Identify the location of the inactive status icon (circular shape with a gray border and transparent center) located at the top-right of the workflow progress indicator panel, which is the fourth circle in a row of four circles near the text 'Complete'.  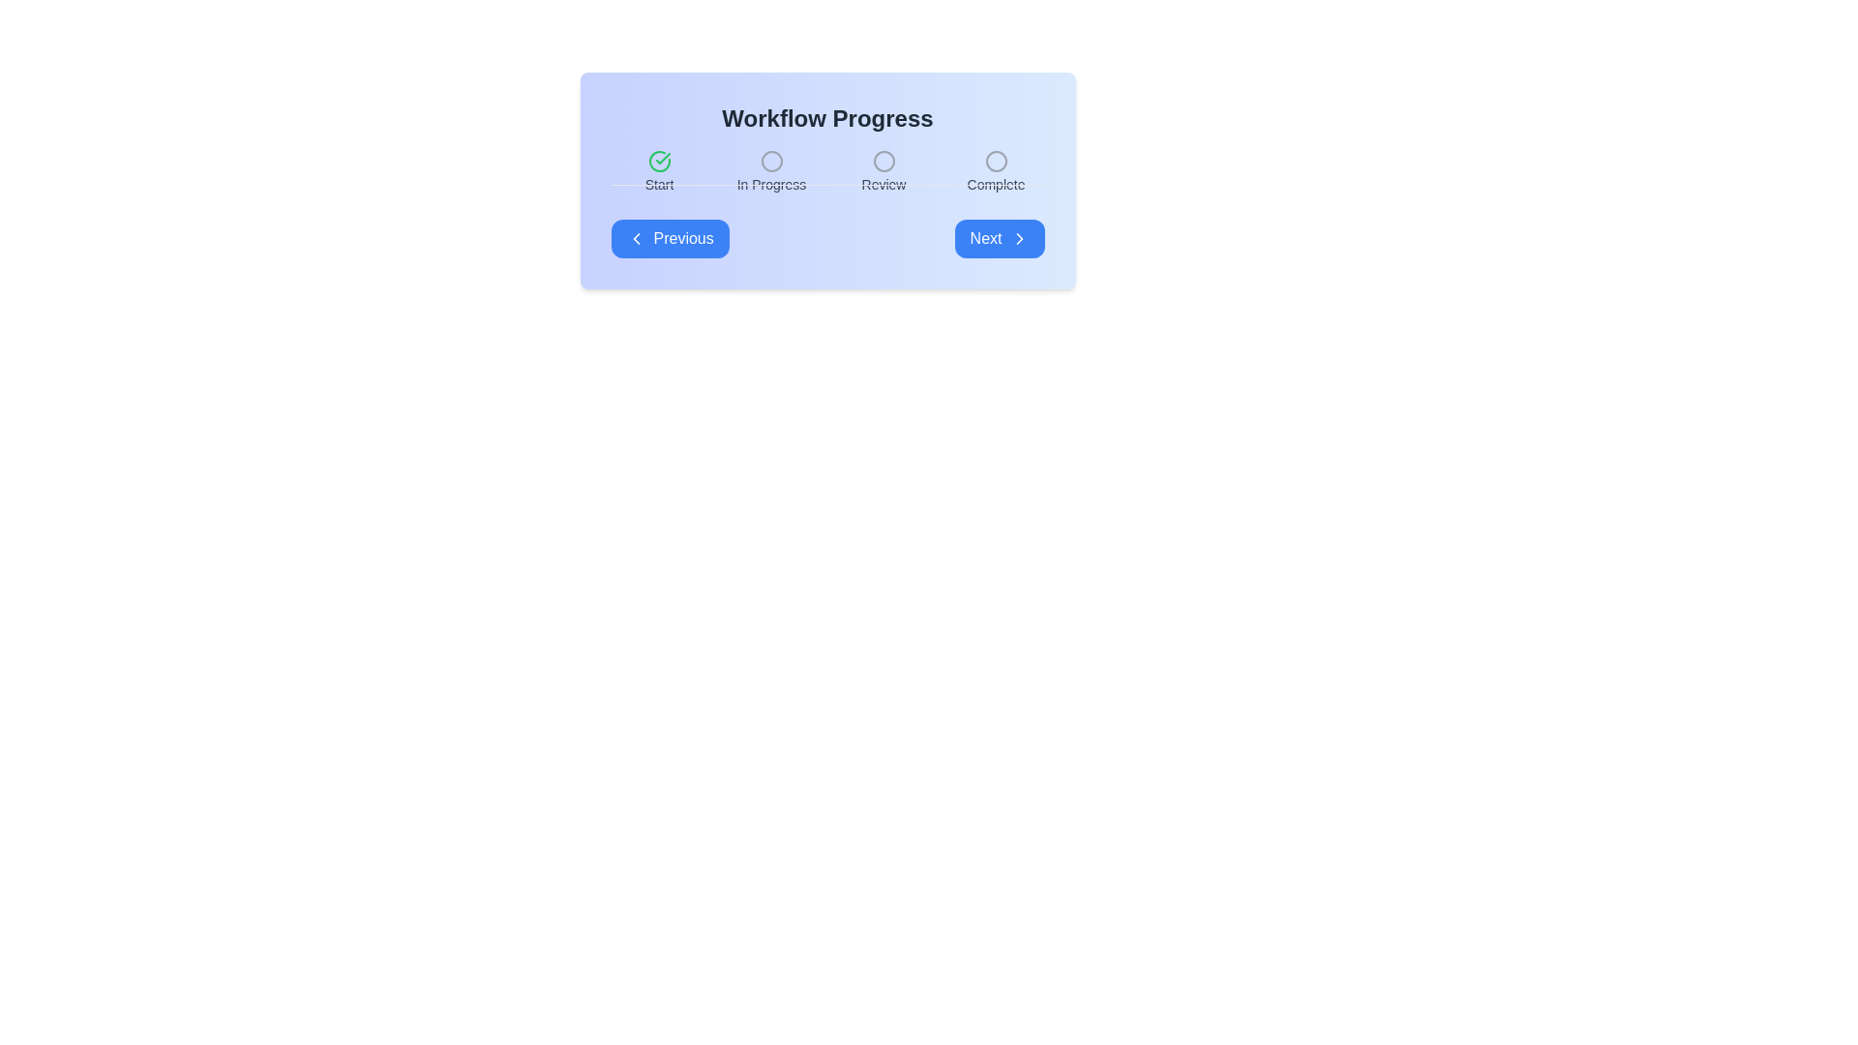
(996, 160).